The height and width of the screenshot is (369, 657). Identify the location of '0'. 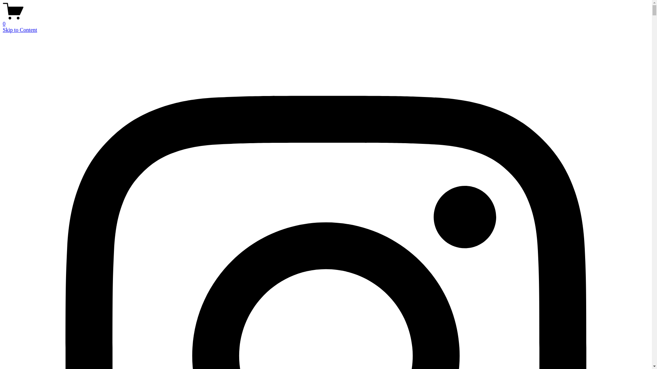
(325, 20).